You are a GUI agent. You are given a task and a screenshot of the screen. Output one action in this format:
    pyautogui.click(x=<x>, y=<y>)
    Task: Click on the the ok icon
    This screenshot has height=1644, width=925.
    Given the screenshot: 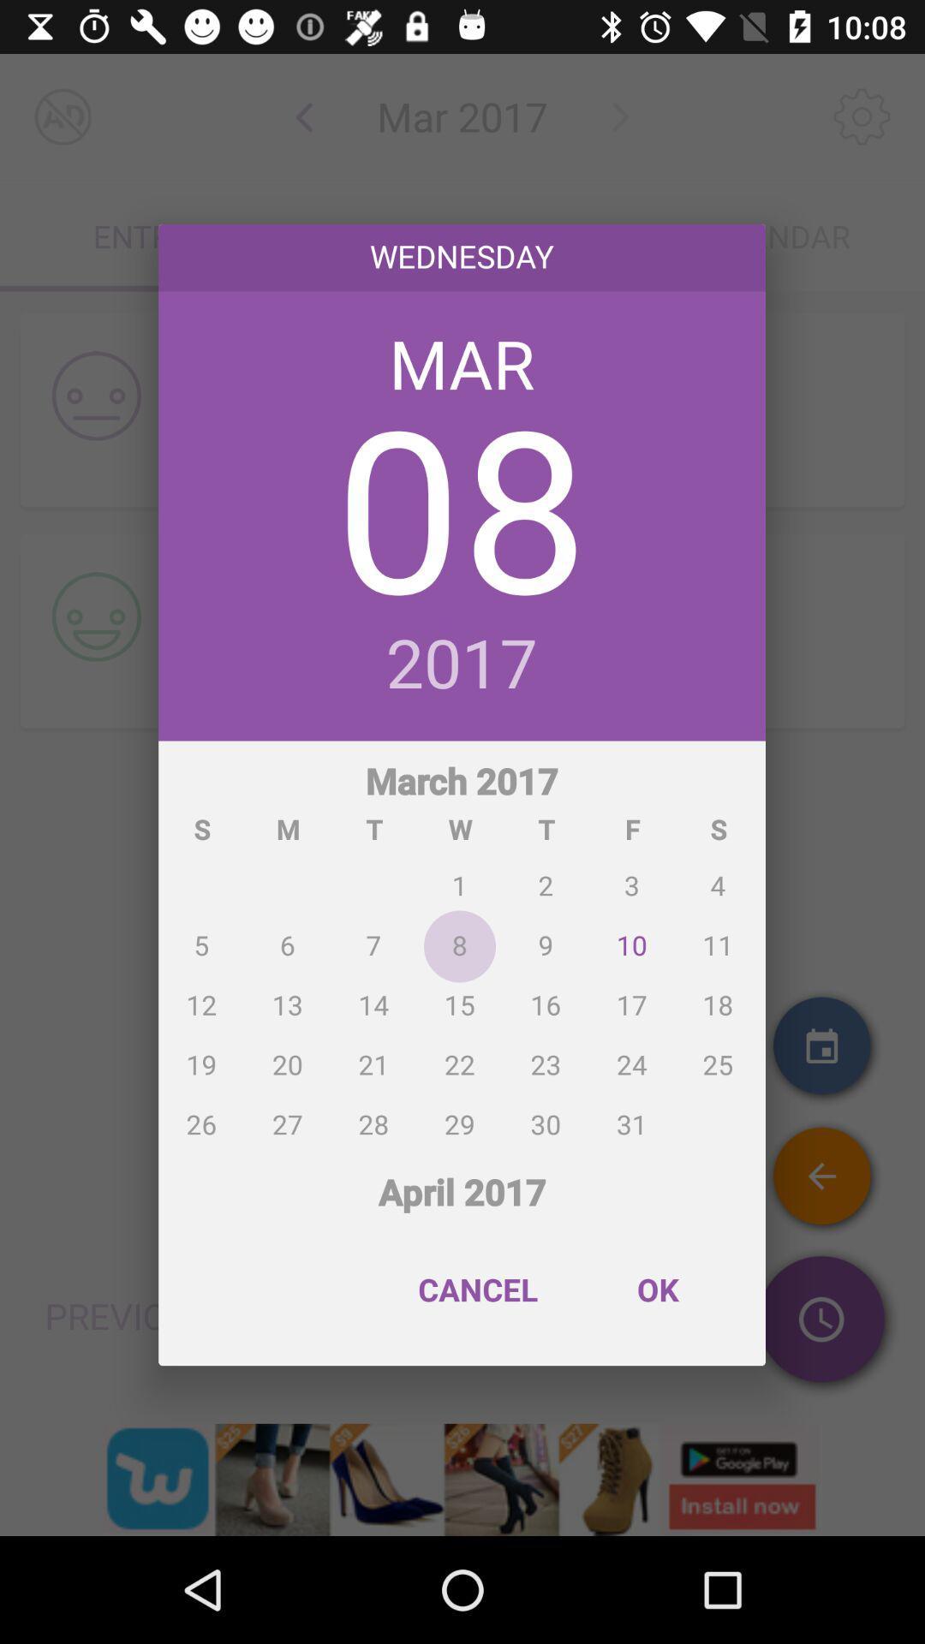 What is the action you would take?
    pyautogui.click(x=656, y=1290)
    